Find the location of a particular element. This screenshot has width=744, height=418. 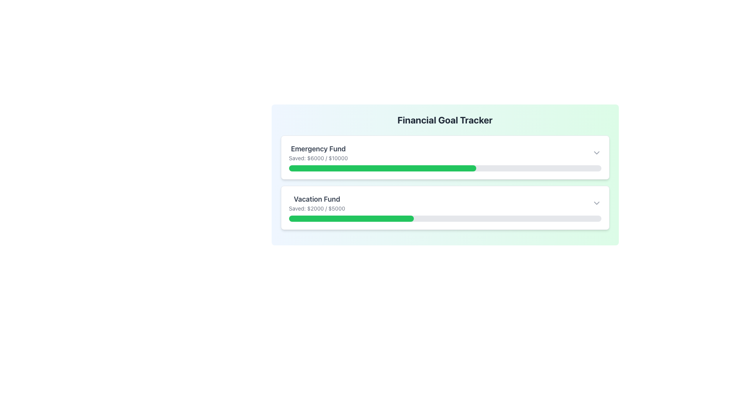

the second Information Card in the Financial Goal Tracker section, which represents the progress of saving towards the 'Vacation Fund' is located at coordinates (445, 207).